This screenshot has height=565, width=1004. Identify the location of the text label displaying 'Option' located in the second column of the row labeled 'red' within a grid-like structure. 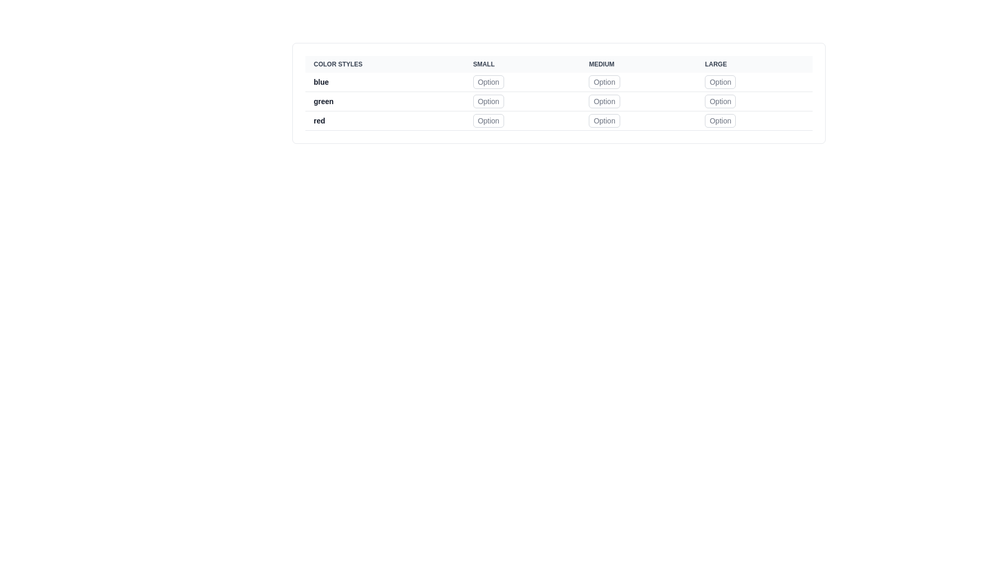
(522, 120).